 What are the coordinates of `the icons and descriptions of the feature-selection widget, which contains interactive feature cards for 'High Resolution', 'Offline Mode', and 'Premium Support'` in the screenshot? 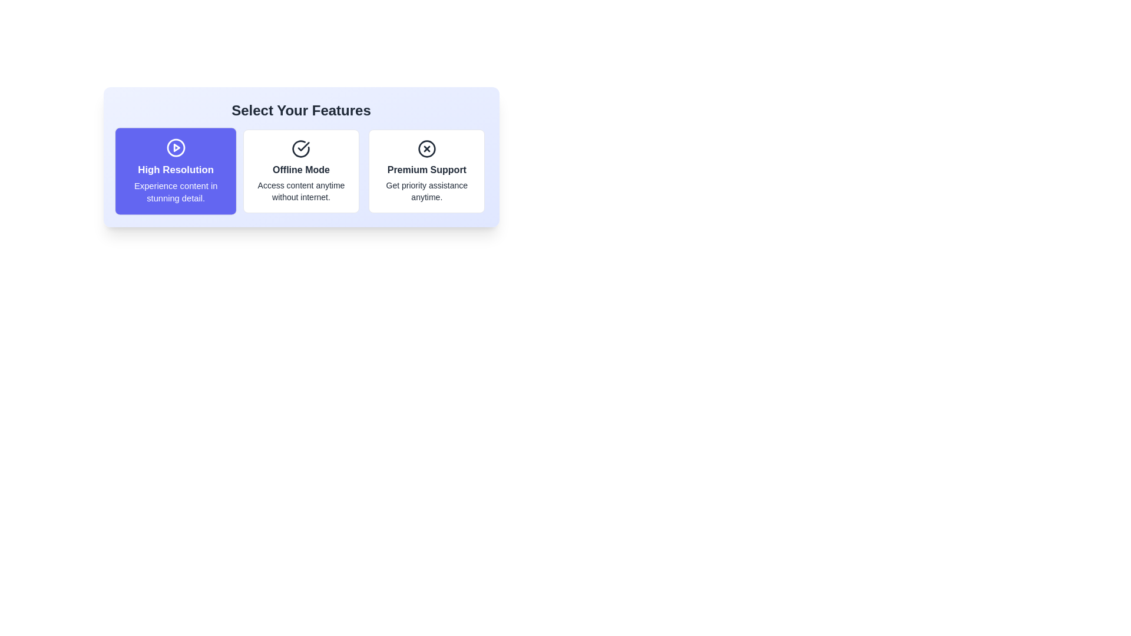 It's located at (301, 156).